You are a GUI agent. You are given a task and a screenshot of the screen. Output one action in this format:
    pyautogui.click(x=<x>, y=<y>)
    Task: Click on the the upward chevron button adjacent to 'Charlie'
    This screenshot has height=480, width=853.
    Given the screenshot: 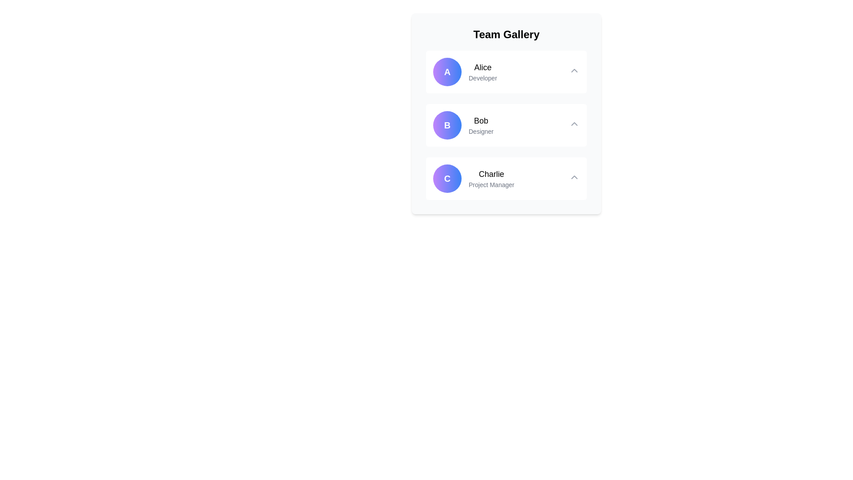 What is the action you would take?
    pyautogui.click(x=574, y=177)
    